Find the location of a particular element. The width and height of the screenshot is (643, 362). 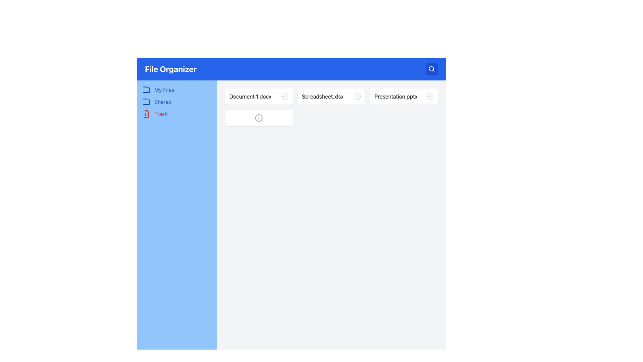

the text label displaying 'Presentation.pptx', located in the upper right portion of the main content area is located at coordinates (396, 97).